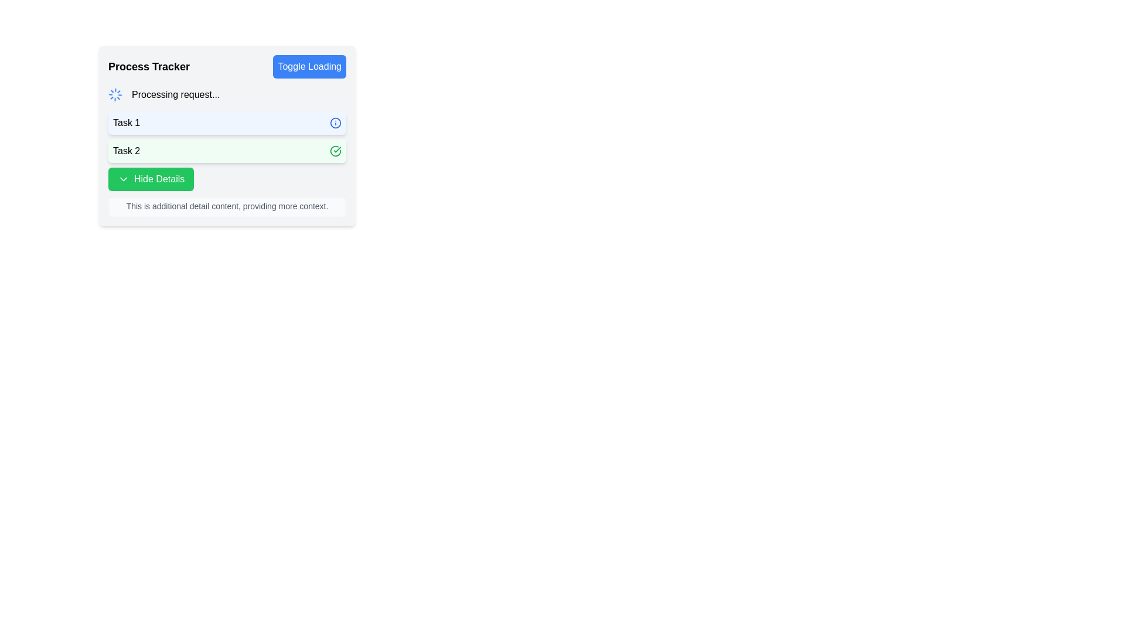  I want to click on text displayed in the Text label that shows 'Processing request...' located in the upper section of a light-colored panel, immediately to the right of a blue spinning loader icon, so click(175, 94).